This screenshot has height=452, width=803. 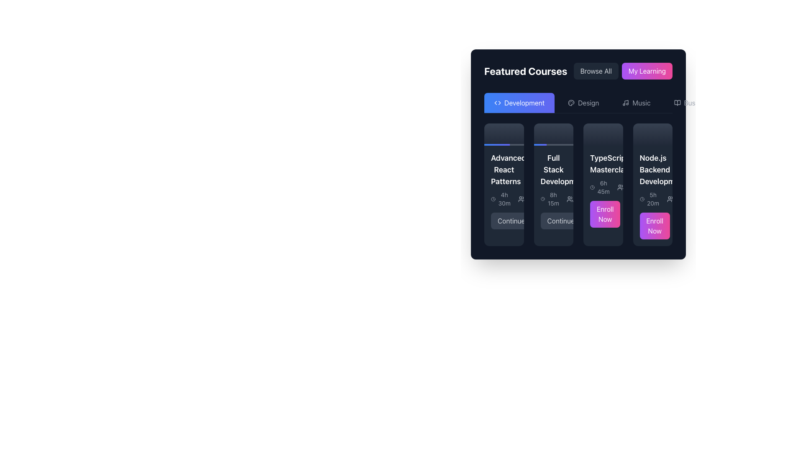 I want to click on the play button located at the center of the 'Full Stack Development' course card, so click(x=553, y=134).